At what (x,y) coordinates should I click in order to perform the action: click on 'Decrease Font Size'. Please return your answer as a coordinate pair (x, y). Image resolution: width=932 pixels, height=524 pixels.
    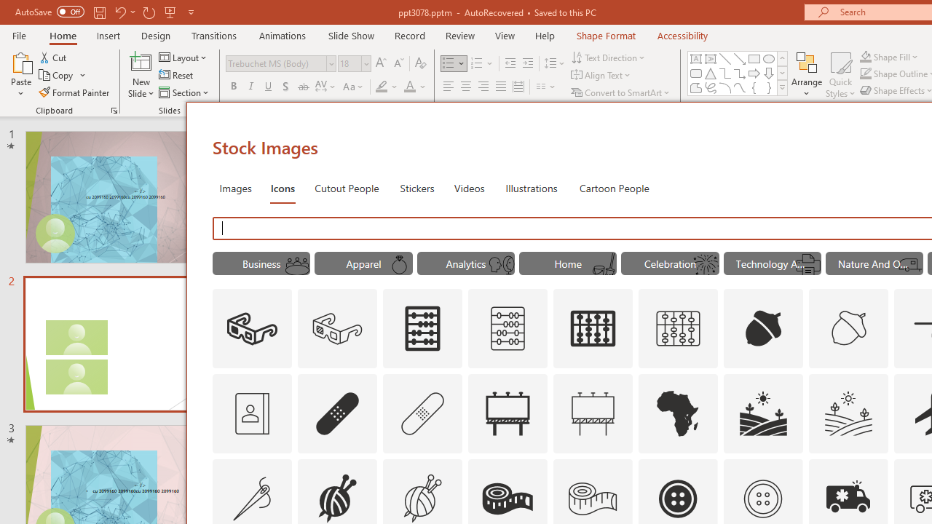
    Looking at the image, I should click on (398, 63).